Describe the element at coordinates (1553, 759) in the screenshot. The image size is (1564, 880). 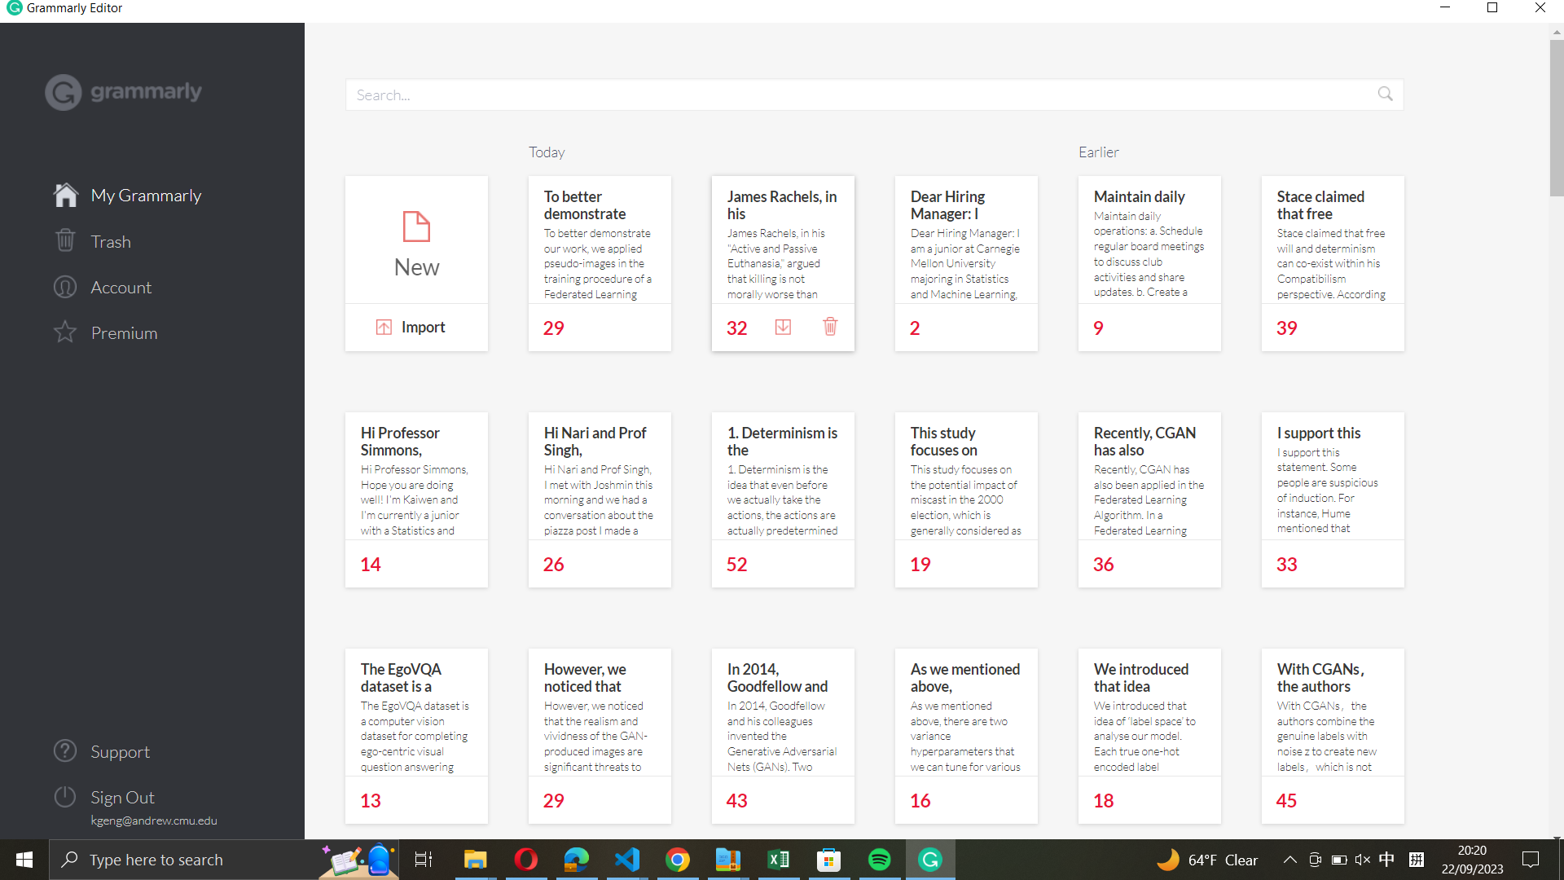
I see `Direct the cursor to the page end` at that location.